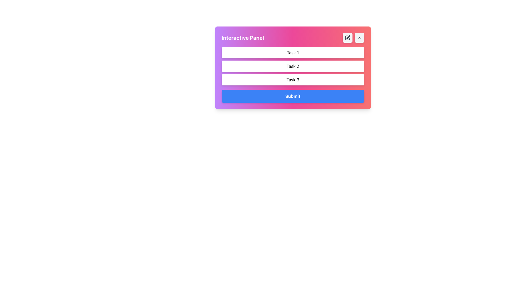  What do you see at coordinates (347, 37) in the screenshot?
I see `the edit button located at the top-right corner of the panel, which is the first square button in a horizontal arrangement of two buttons with a gradient pink-to-purple background` at bounding box center [347, 37].